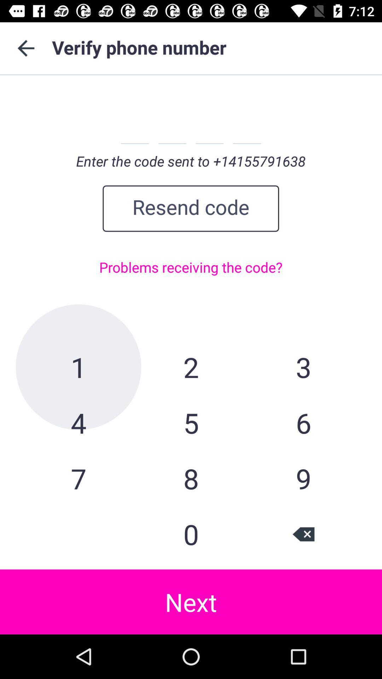 This screenshot has width=382, height=679. Describe the element at coordinates (79, 478) in the screenshot. I see `the button 7 on the web page` at that location.